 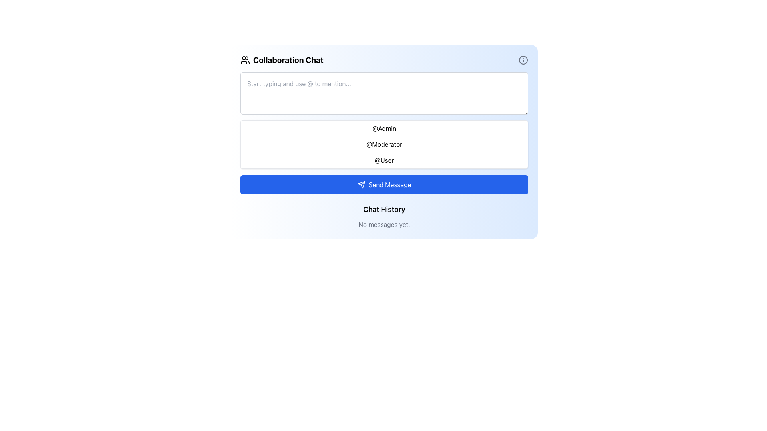 I want to click on the text label displaying '@Moderator', which is centrally aligned within a light background area and is the second item in a vertical list of similar elements, so click(x=384, y=144).